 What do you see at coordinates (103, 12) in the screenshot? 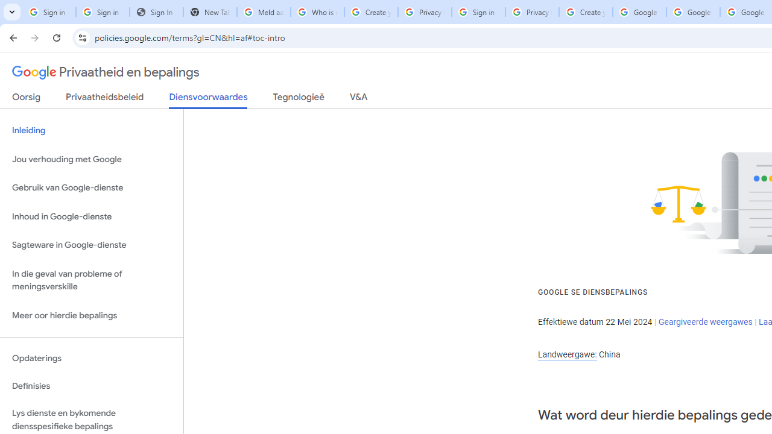
I see `'Sign in - Google Accounts'` at bounding box center [103, 12].